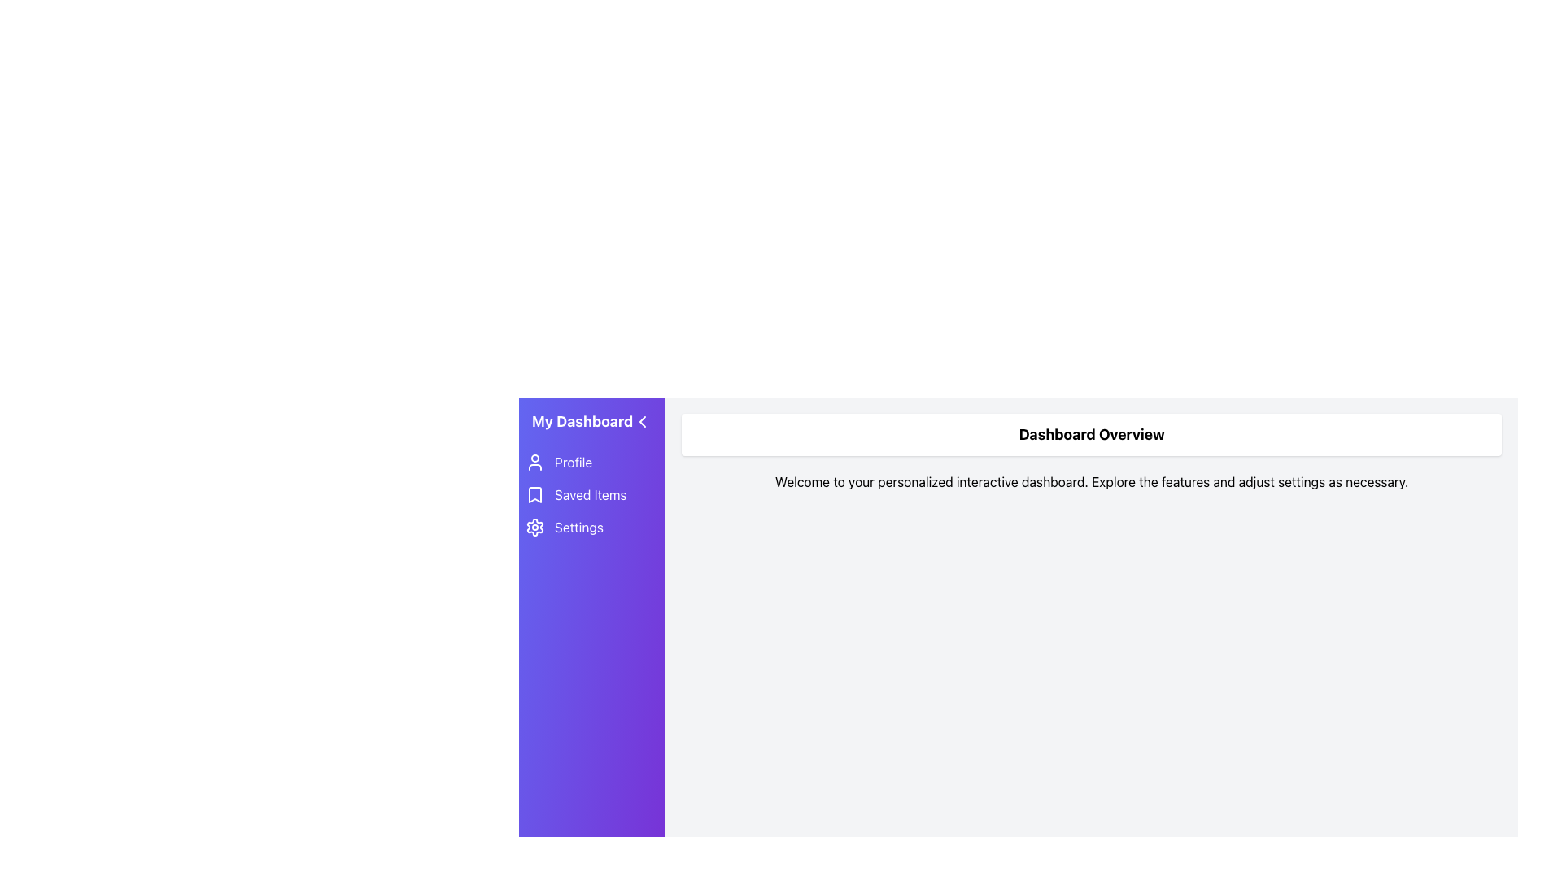  What do you see at coordinates (642, 421) in the screenshot?
I see `the button with an icon located to the far-right of the title 'My Dashboard' in the header section of the sidebar` at bounding box center [642, 421].